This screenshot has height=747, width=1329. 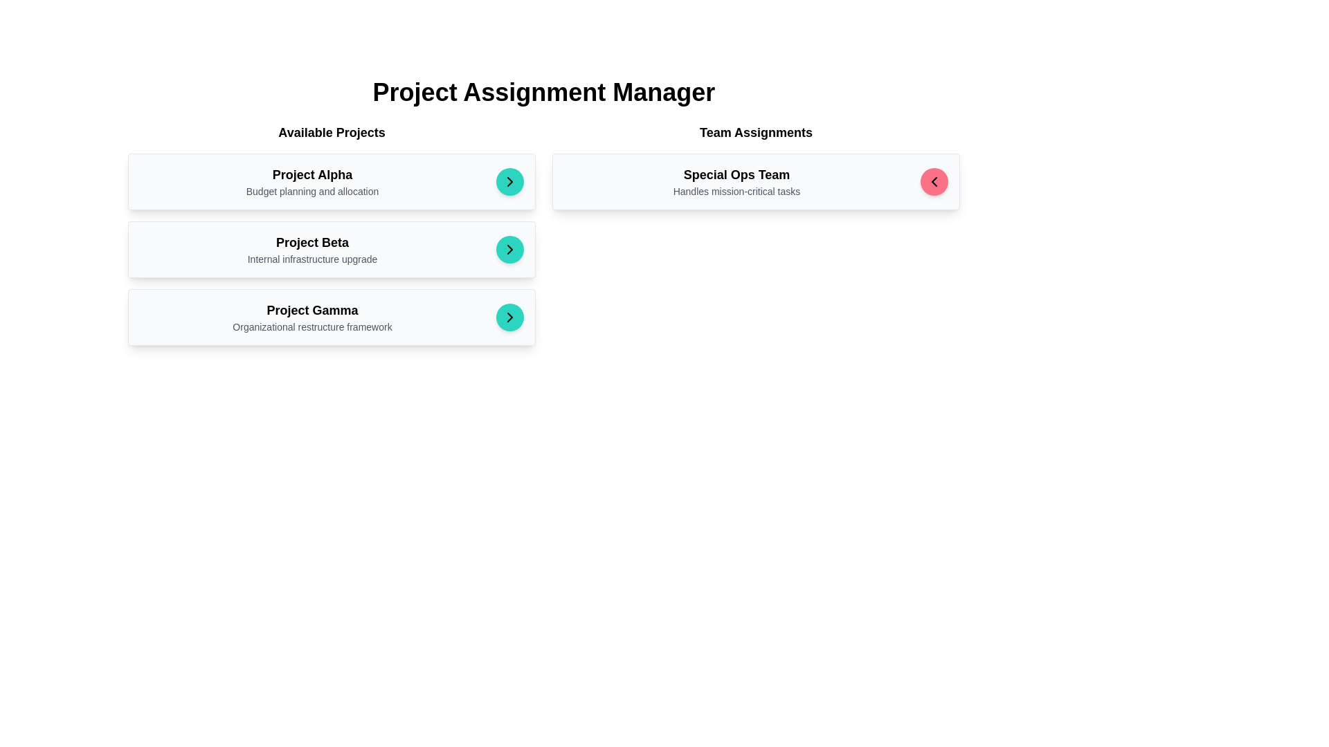 What do you see at coordinates (509, 317) in the screenshot?
I see `the circular teal button with a rightward-pointing chevron icon located in the bottom-right corner of the 'Project Gamma' card` at bounding box center [509, 317].